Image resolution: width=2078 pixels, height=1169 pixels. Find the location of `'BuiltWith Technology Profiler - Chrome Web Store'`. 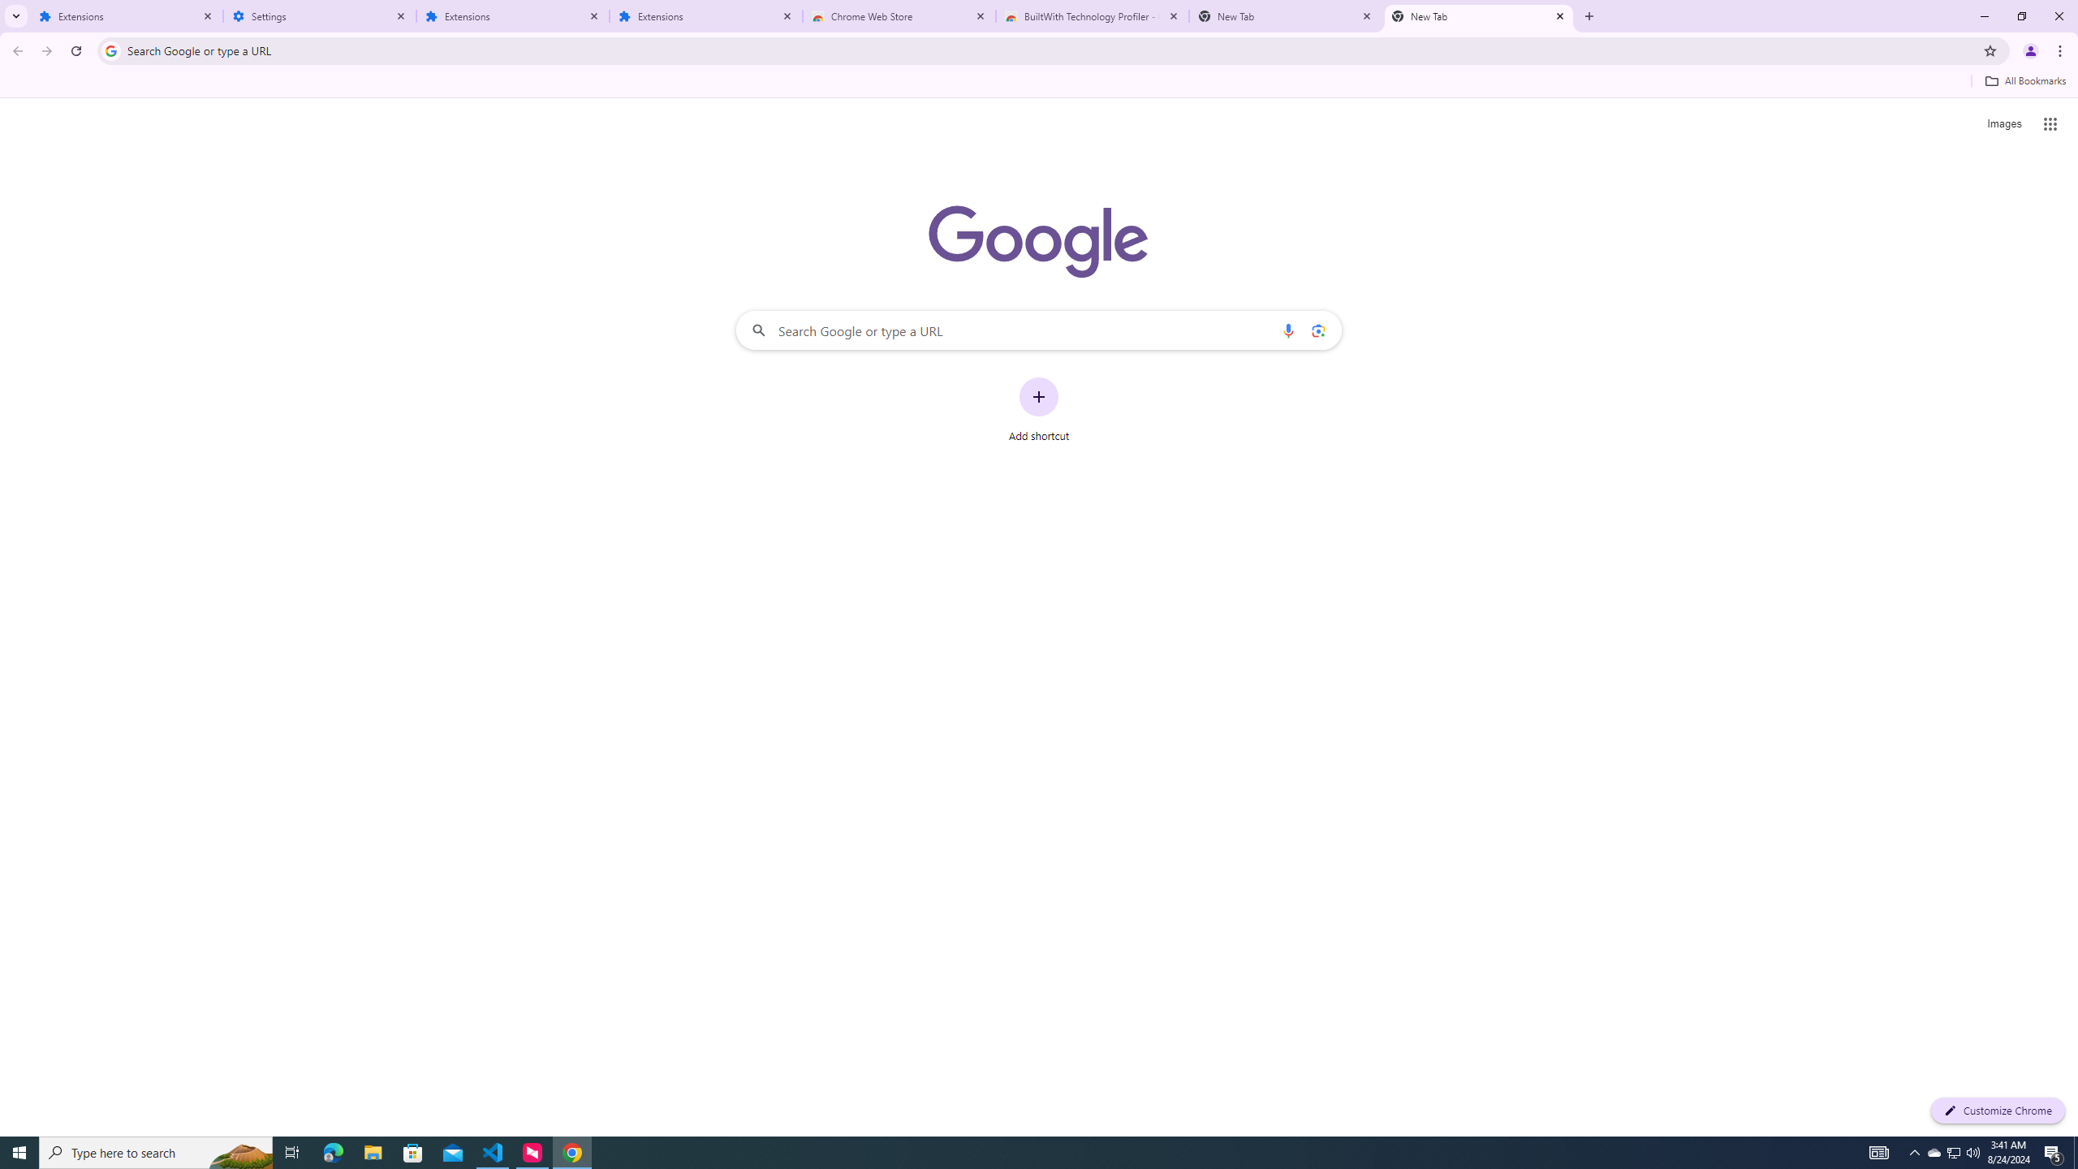

'BuiltWith Technology Profiler - Chrome Web Store' is located at coordinates (1092, 15).